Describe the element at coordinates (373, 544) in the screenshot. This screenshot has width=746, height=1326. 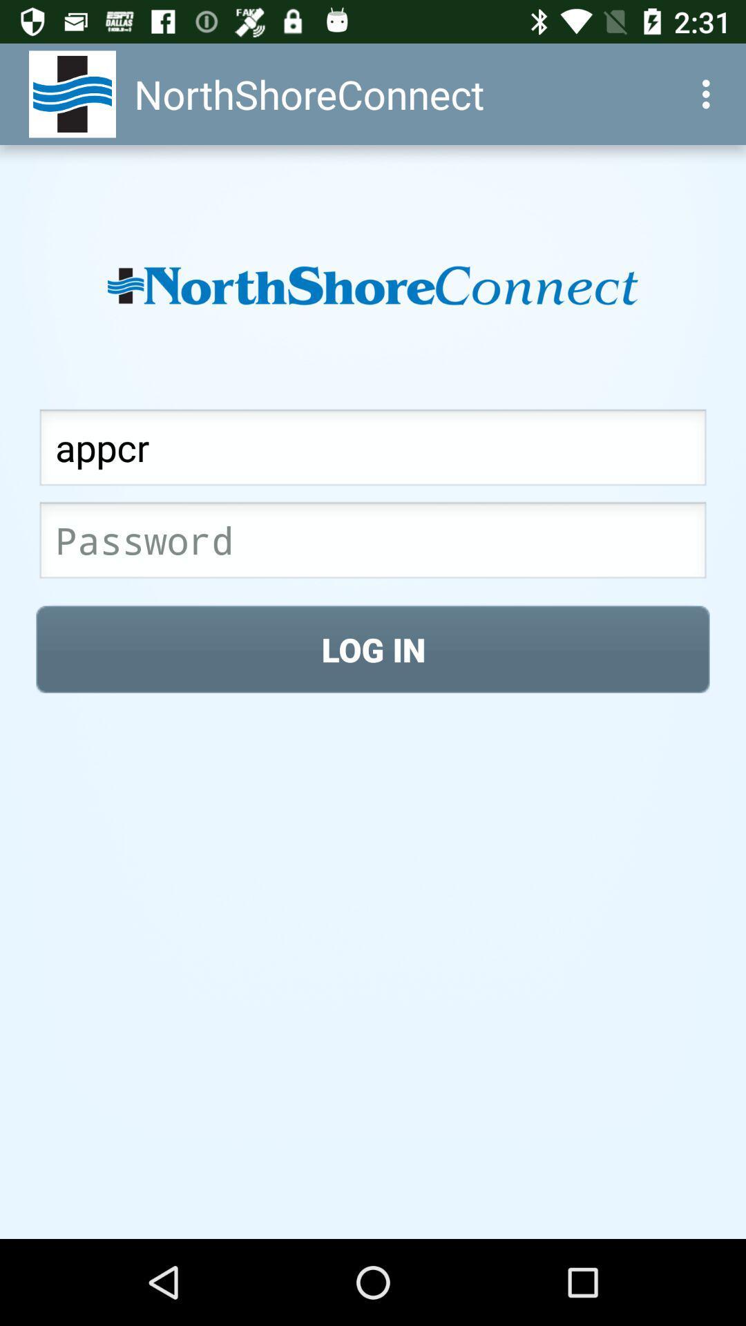
I see `type in password` at that location.